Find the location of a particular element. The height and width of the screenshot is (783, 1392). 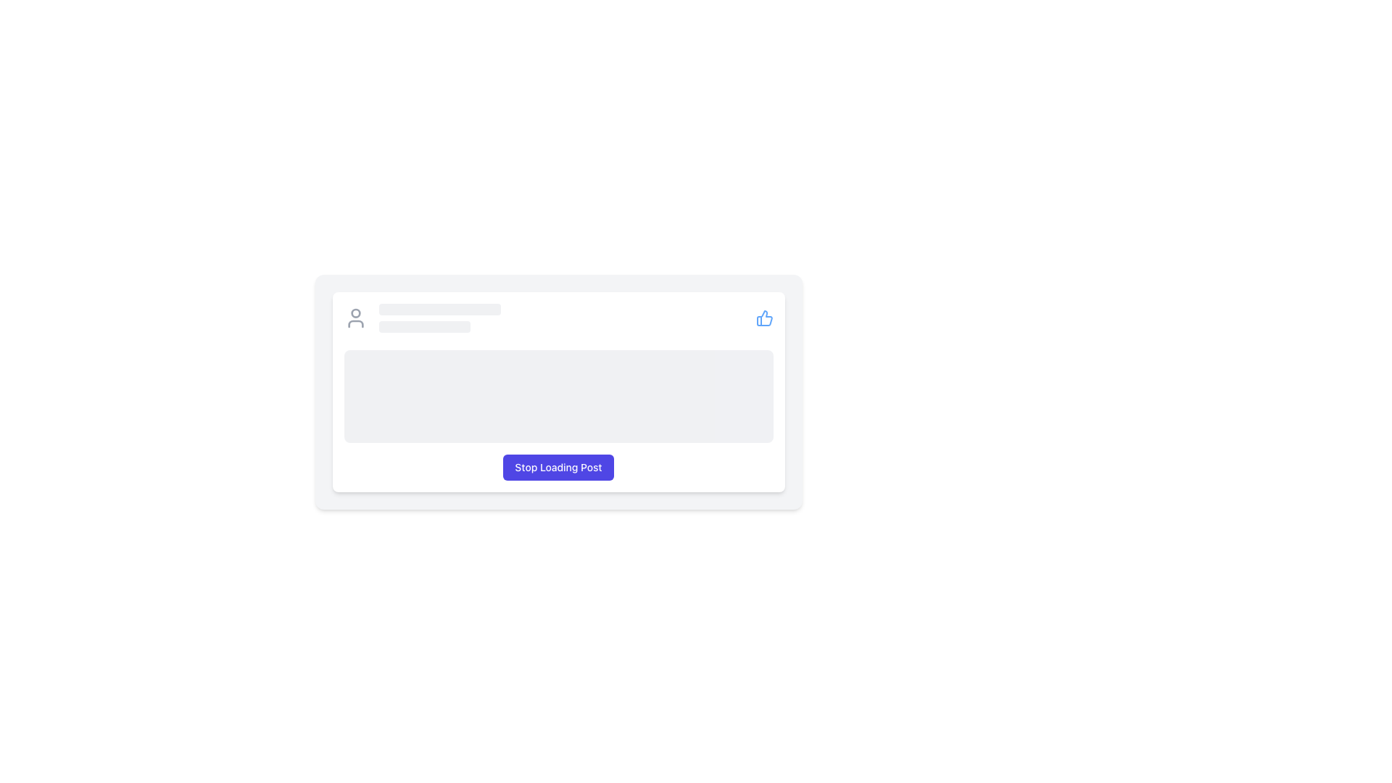

the small circular icon representing a person's head, which is located at the center of the head of the person icon in the top-left area of the primary card containing user information is located at coordinates (355, 312).